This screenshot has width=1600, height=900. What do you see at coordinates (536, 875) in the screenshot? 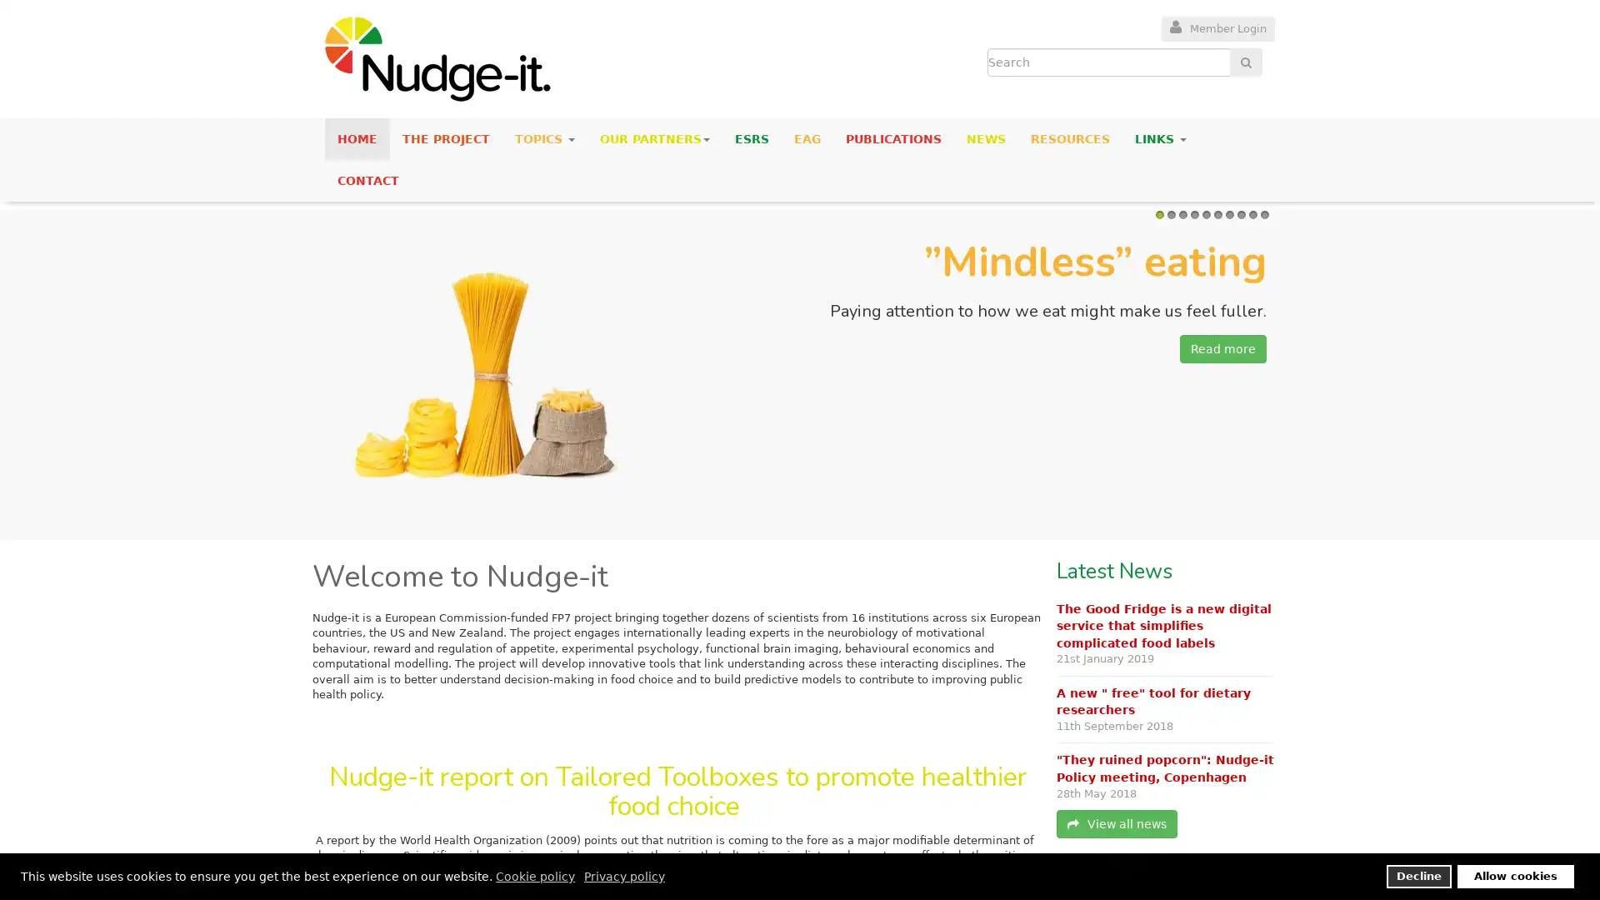
I see `cookie policy` at bounding box center [536, 875].